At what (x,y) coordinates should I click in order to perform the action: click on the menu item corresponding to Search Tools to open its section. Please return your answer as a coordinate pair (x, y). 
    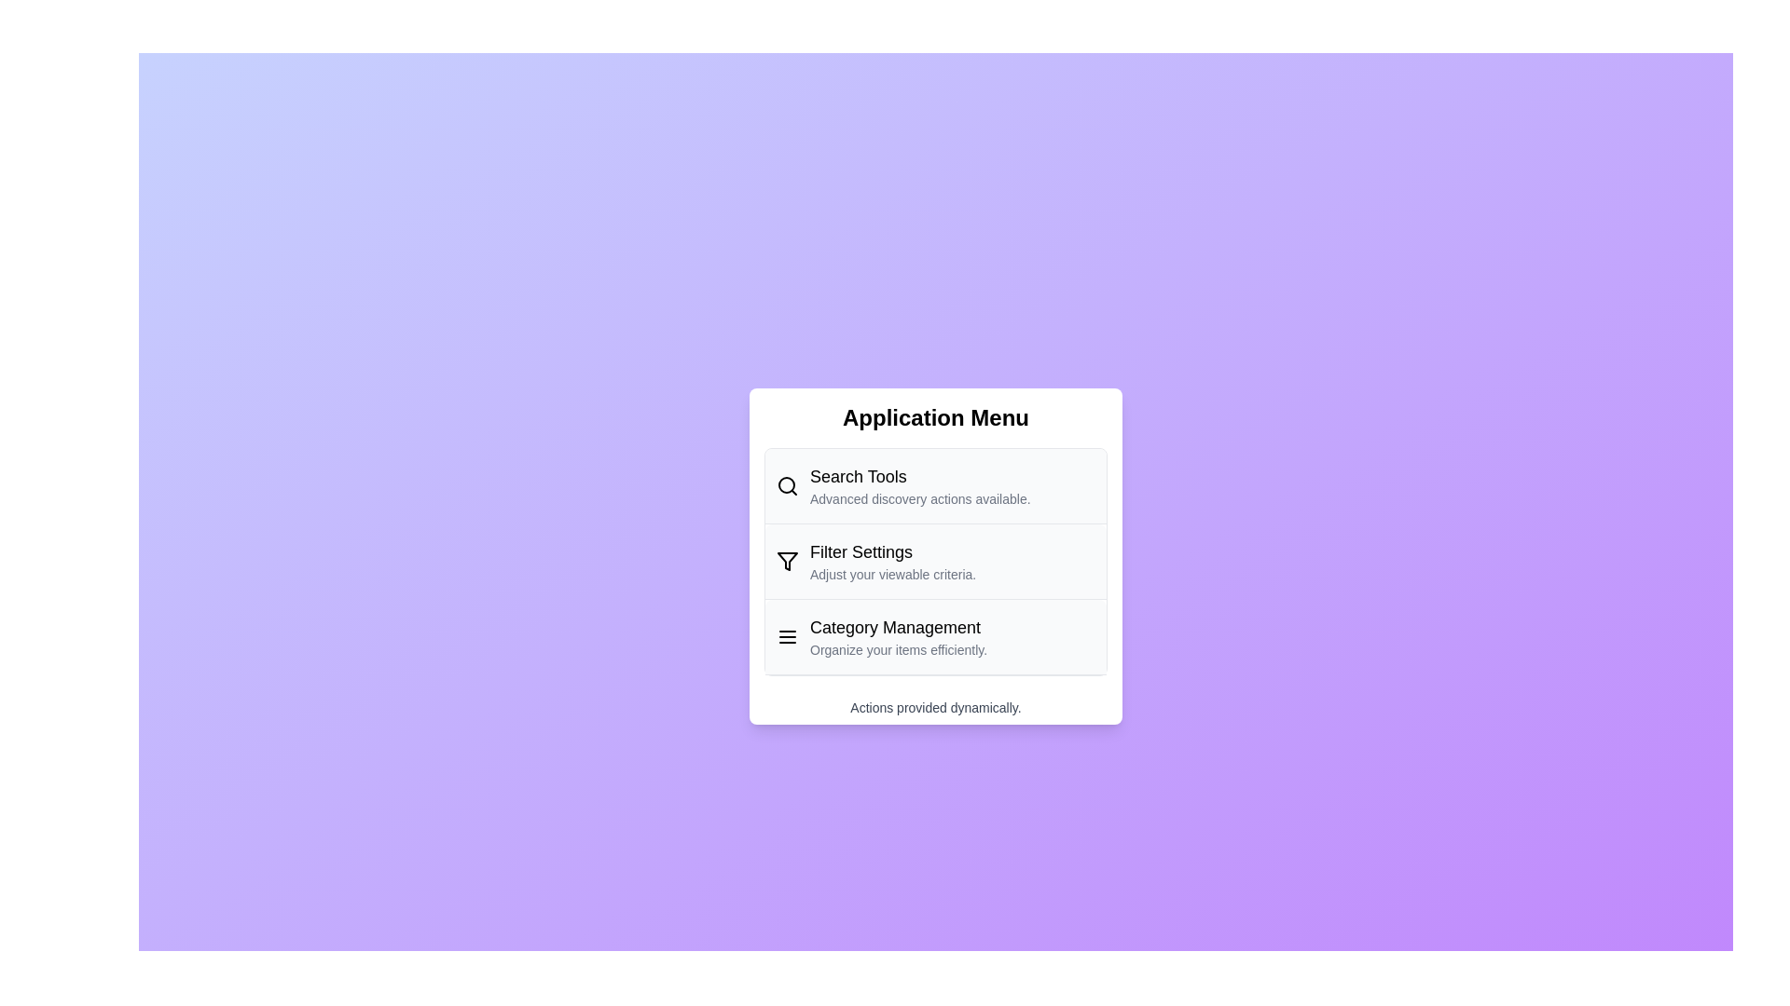
    Looking at the image, I should click on (935, 484).